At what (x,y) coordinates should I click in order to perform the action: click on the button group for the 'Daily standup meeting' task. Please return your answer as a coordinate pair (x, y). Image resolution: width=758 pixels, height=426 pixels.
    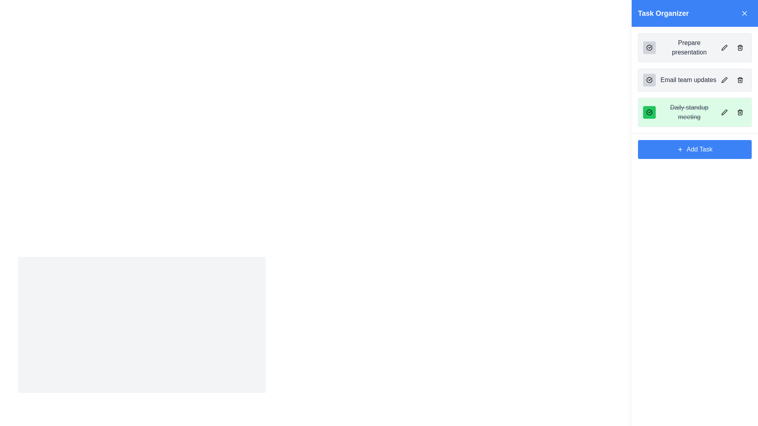
    Looking at the image, I should click on (732, 112).